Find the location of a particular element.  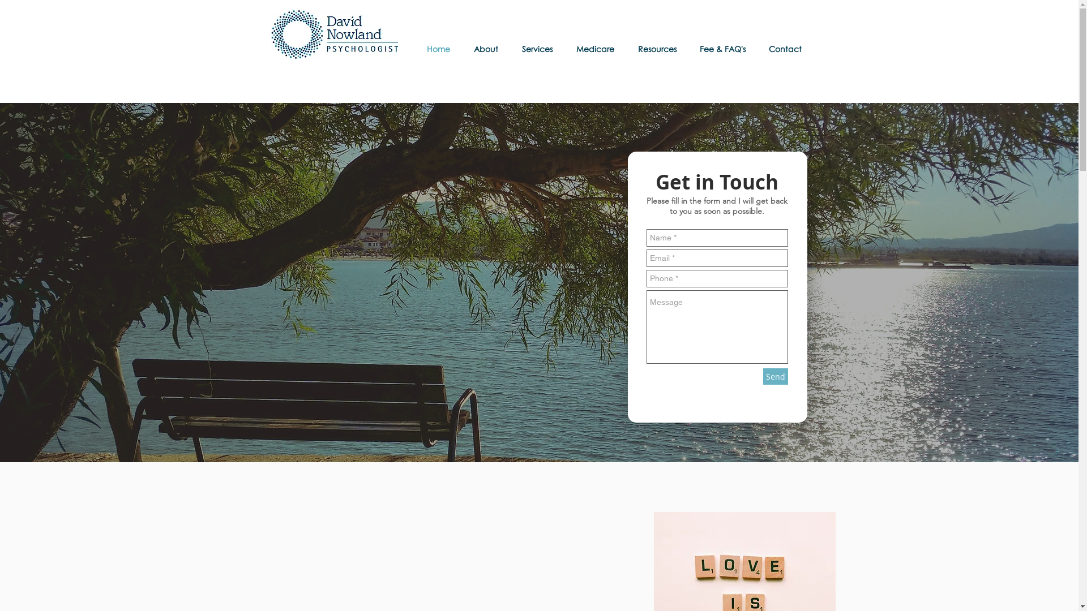

'Fee & FAQ's' is located at coordinates (725, 48).